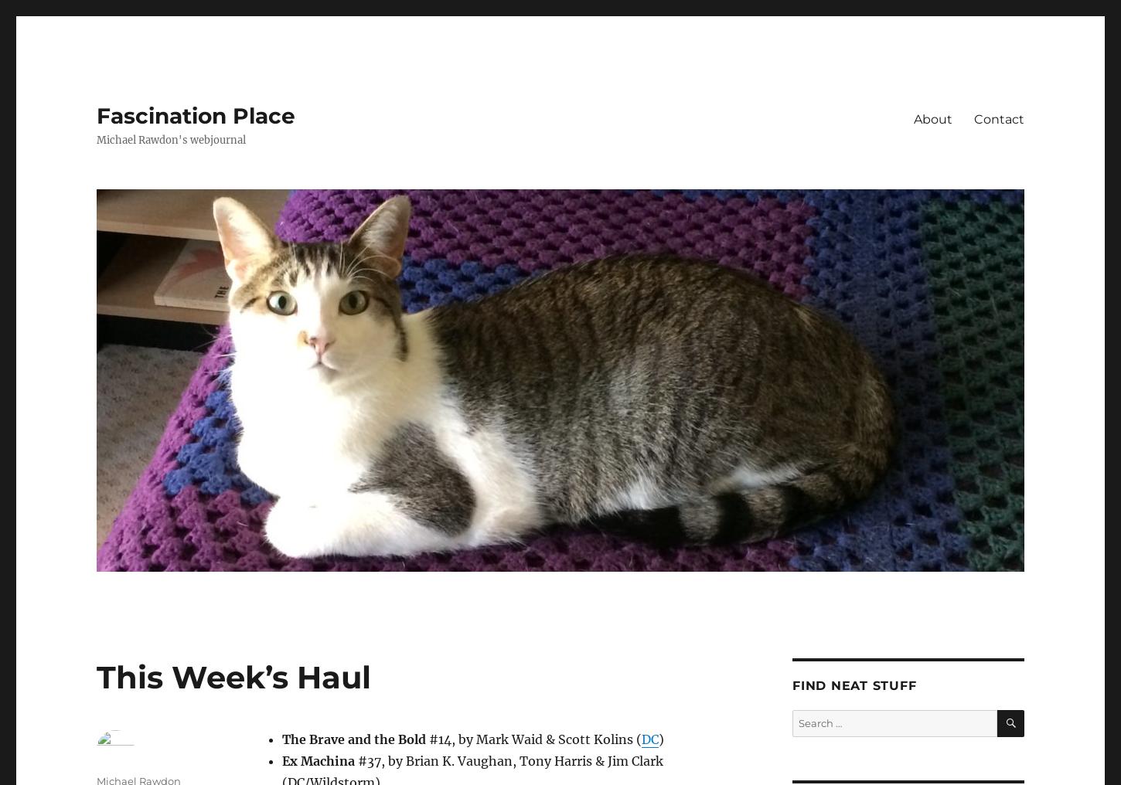 This screenshot has width=1121, height=785. Describe the element at coordinates (353, 739) in the screenshot. I see `'The Brave and the Bold'` at that location.